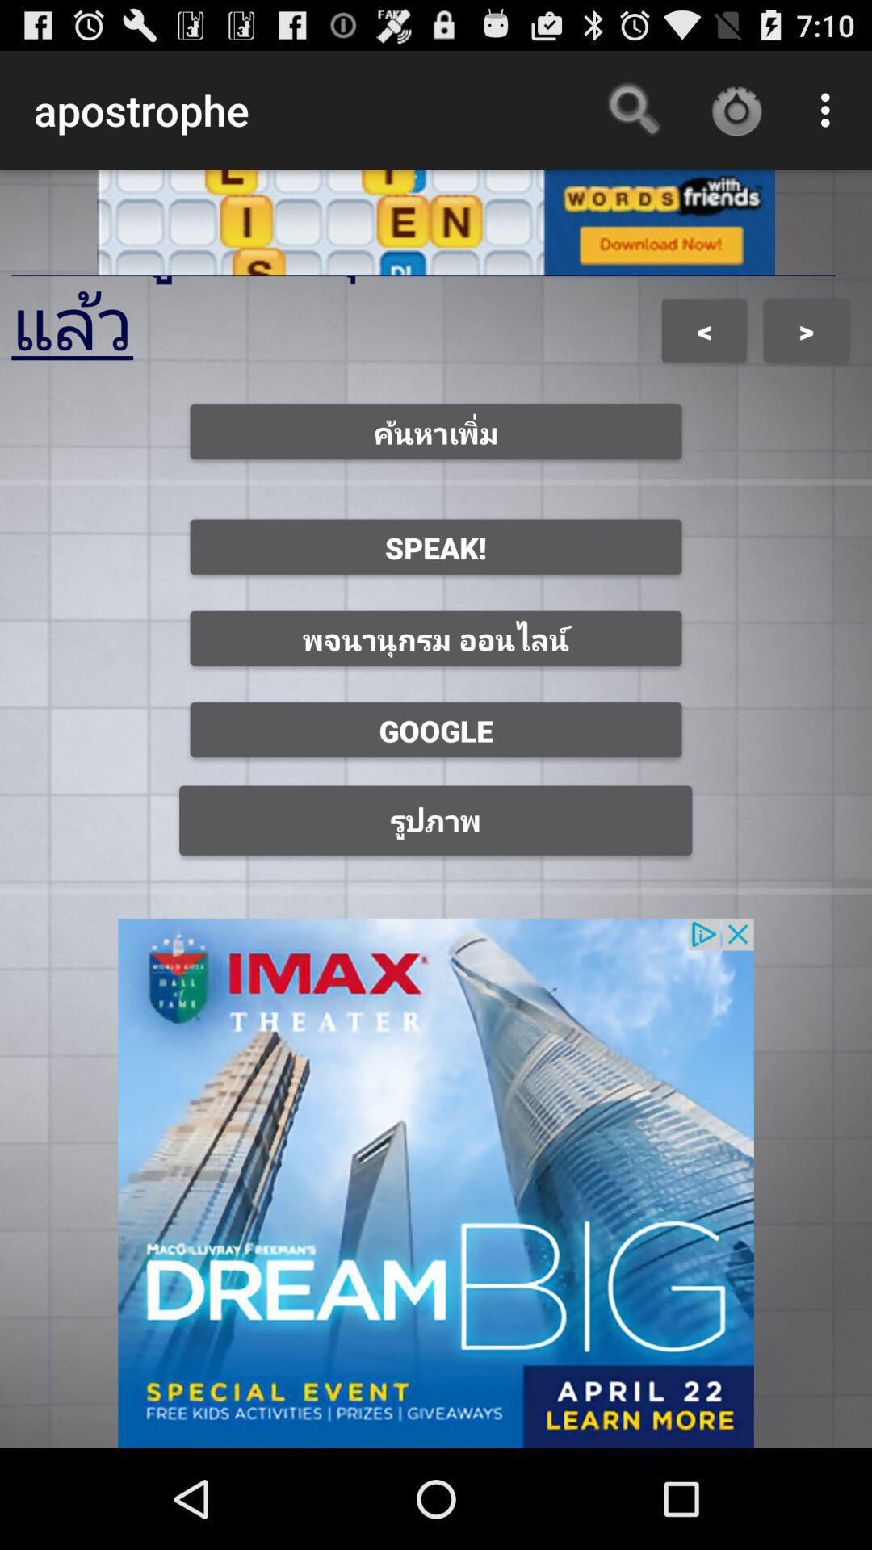 The image size is (872, 1550). I want to click on a icon which is before more option, so click(736, 110).